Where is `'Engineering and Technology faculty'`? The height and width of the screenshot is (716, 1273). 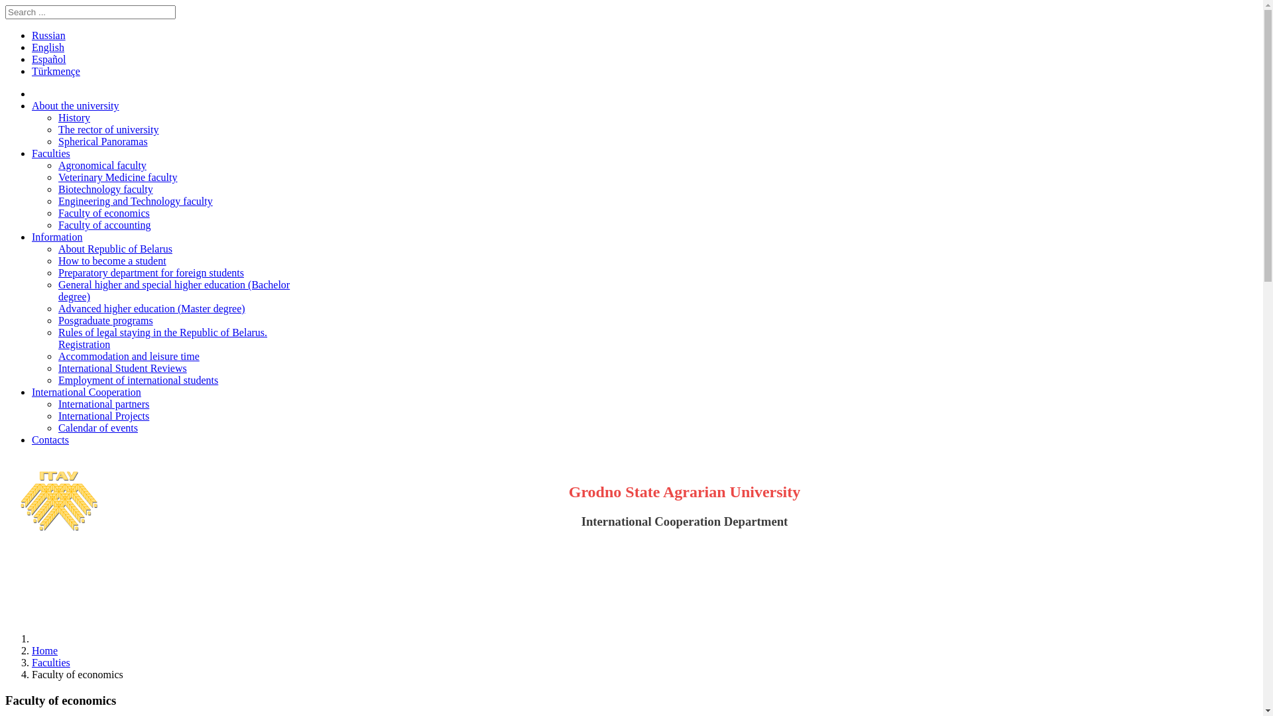
'Engineering and Technology faculty' is located at coordinates (135, 201).